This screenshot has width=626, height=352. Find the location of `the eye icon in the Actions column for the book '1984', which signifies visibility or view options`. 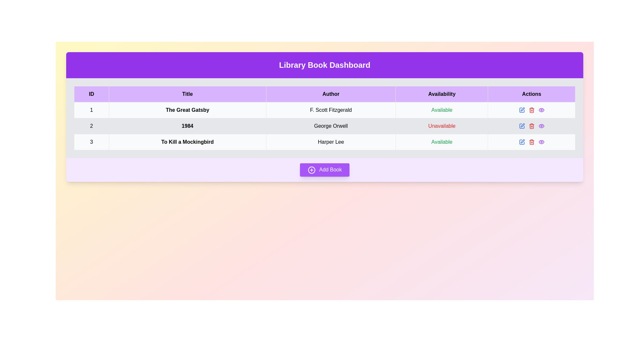

the eye icon in the Actions column for the book '1984', which signifies visibility or view options is located at coordinates (541, 126).